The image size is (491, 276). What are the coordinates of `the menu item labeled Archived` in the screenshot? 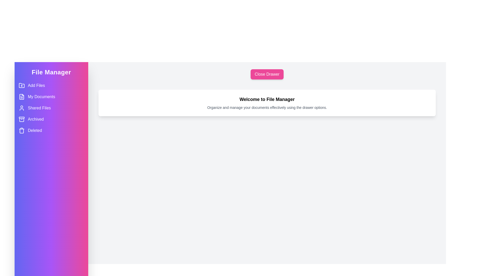 It's located at (51, 119).